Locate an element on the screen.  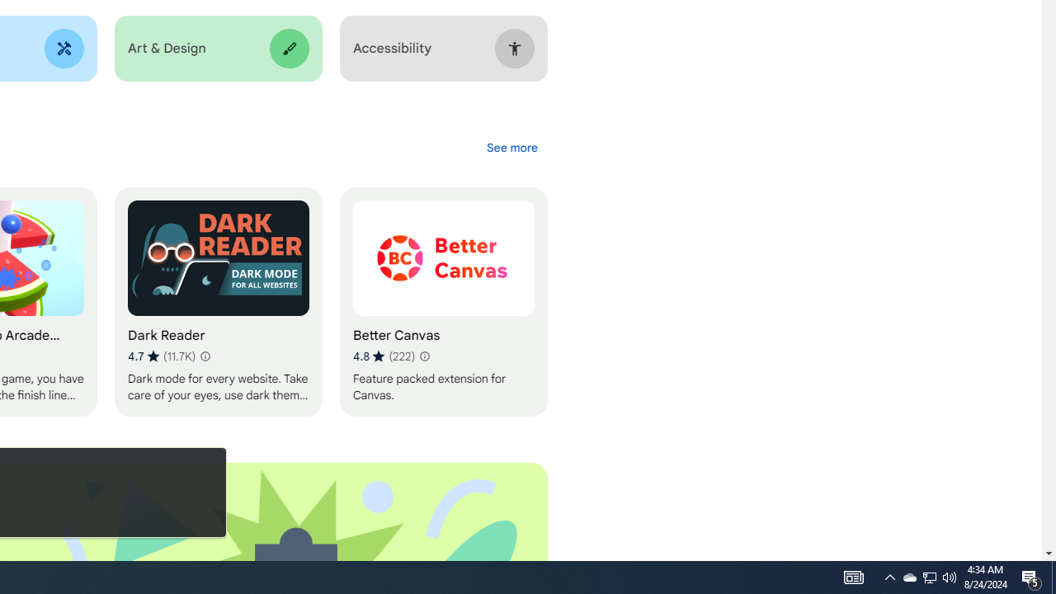
'Average rating 4.8 out of 5 stars. 222 ratings.' is located at coordinates (383, 356).